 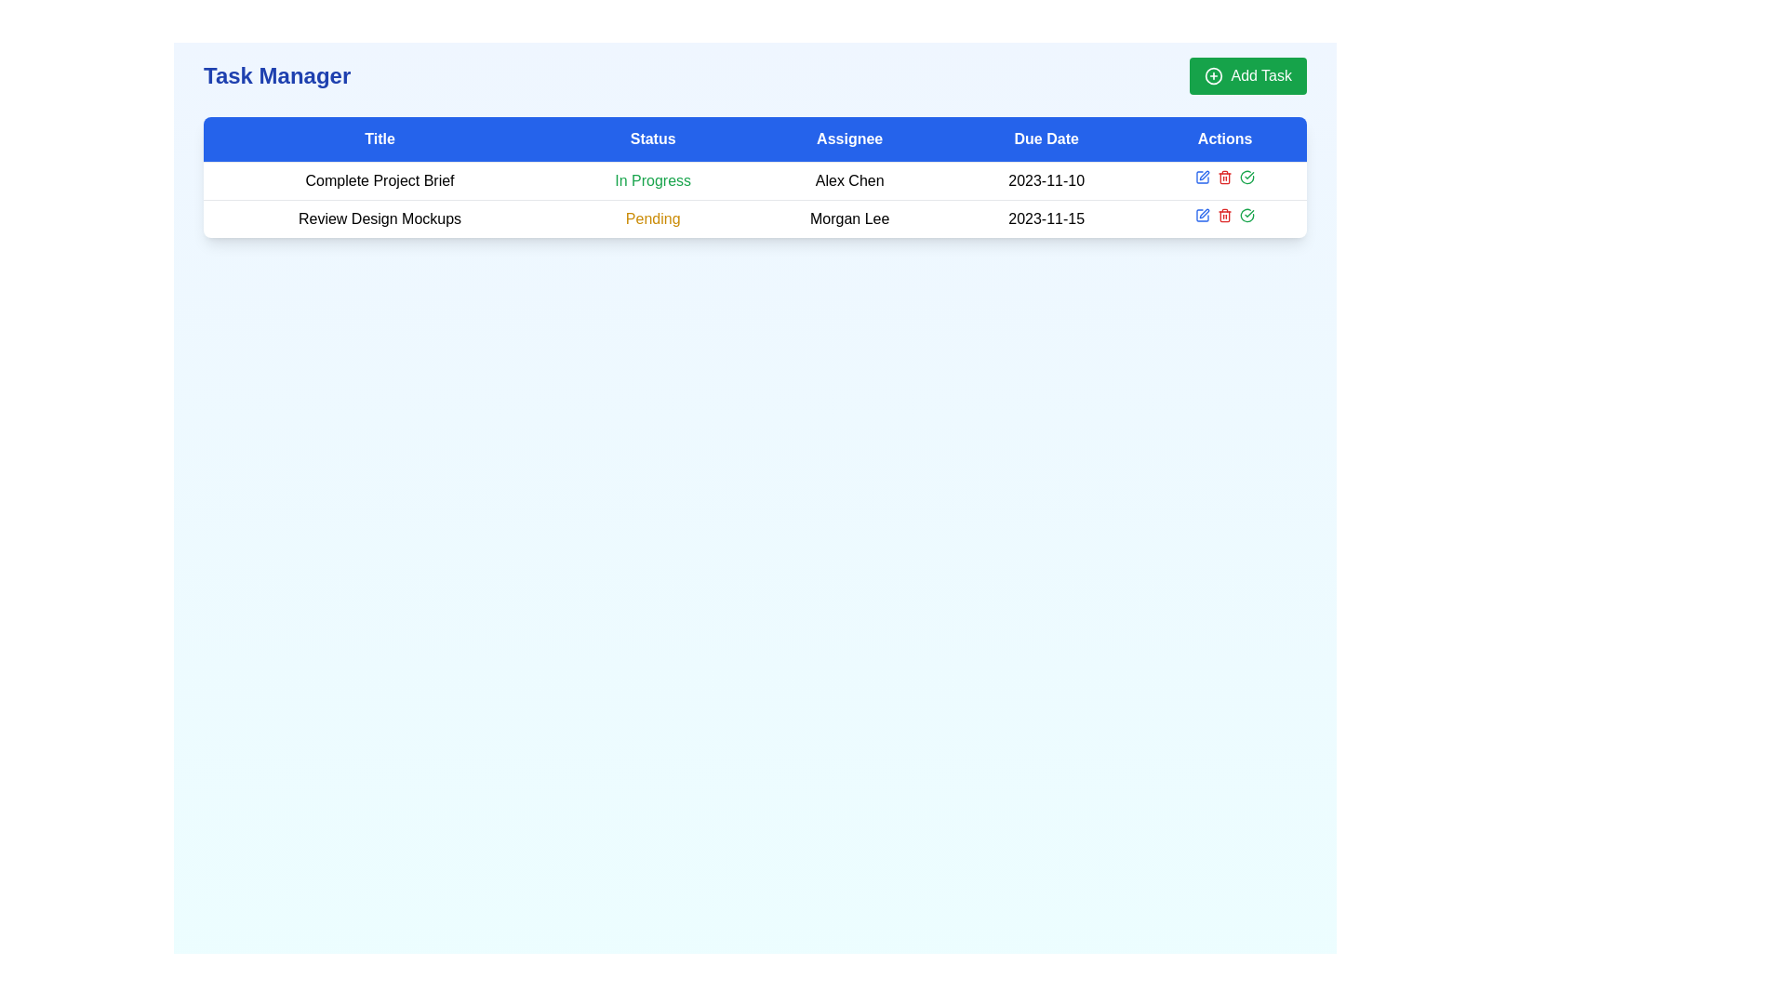 What do you see at coordinates (1247, 214) in the screenshot?
I see `the circular completion icon outlined by a green stroke with a check mark inside, located in the 'Actions' column of the first row of the table for the task 'Complete Project Brief', to mark the task as complete` at bounding box center [1247, 214].